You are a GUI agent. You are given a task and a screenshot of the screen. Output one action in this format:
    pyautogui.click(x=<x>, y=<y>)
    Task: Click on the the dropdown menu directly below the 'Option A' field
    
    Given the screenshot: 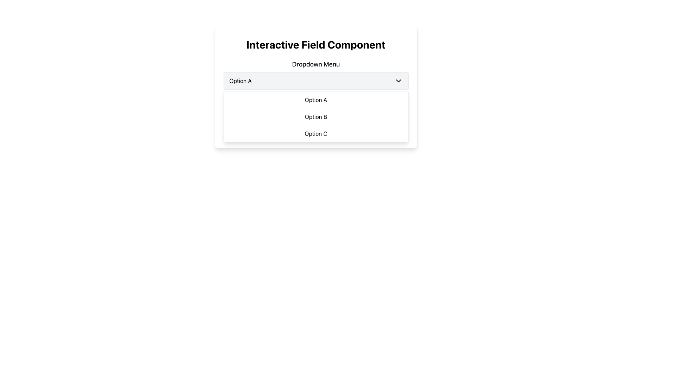 What is the action you would take?
    pyautogui.click(x=315, y=116)
    